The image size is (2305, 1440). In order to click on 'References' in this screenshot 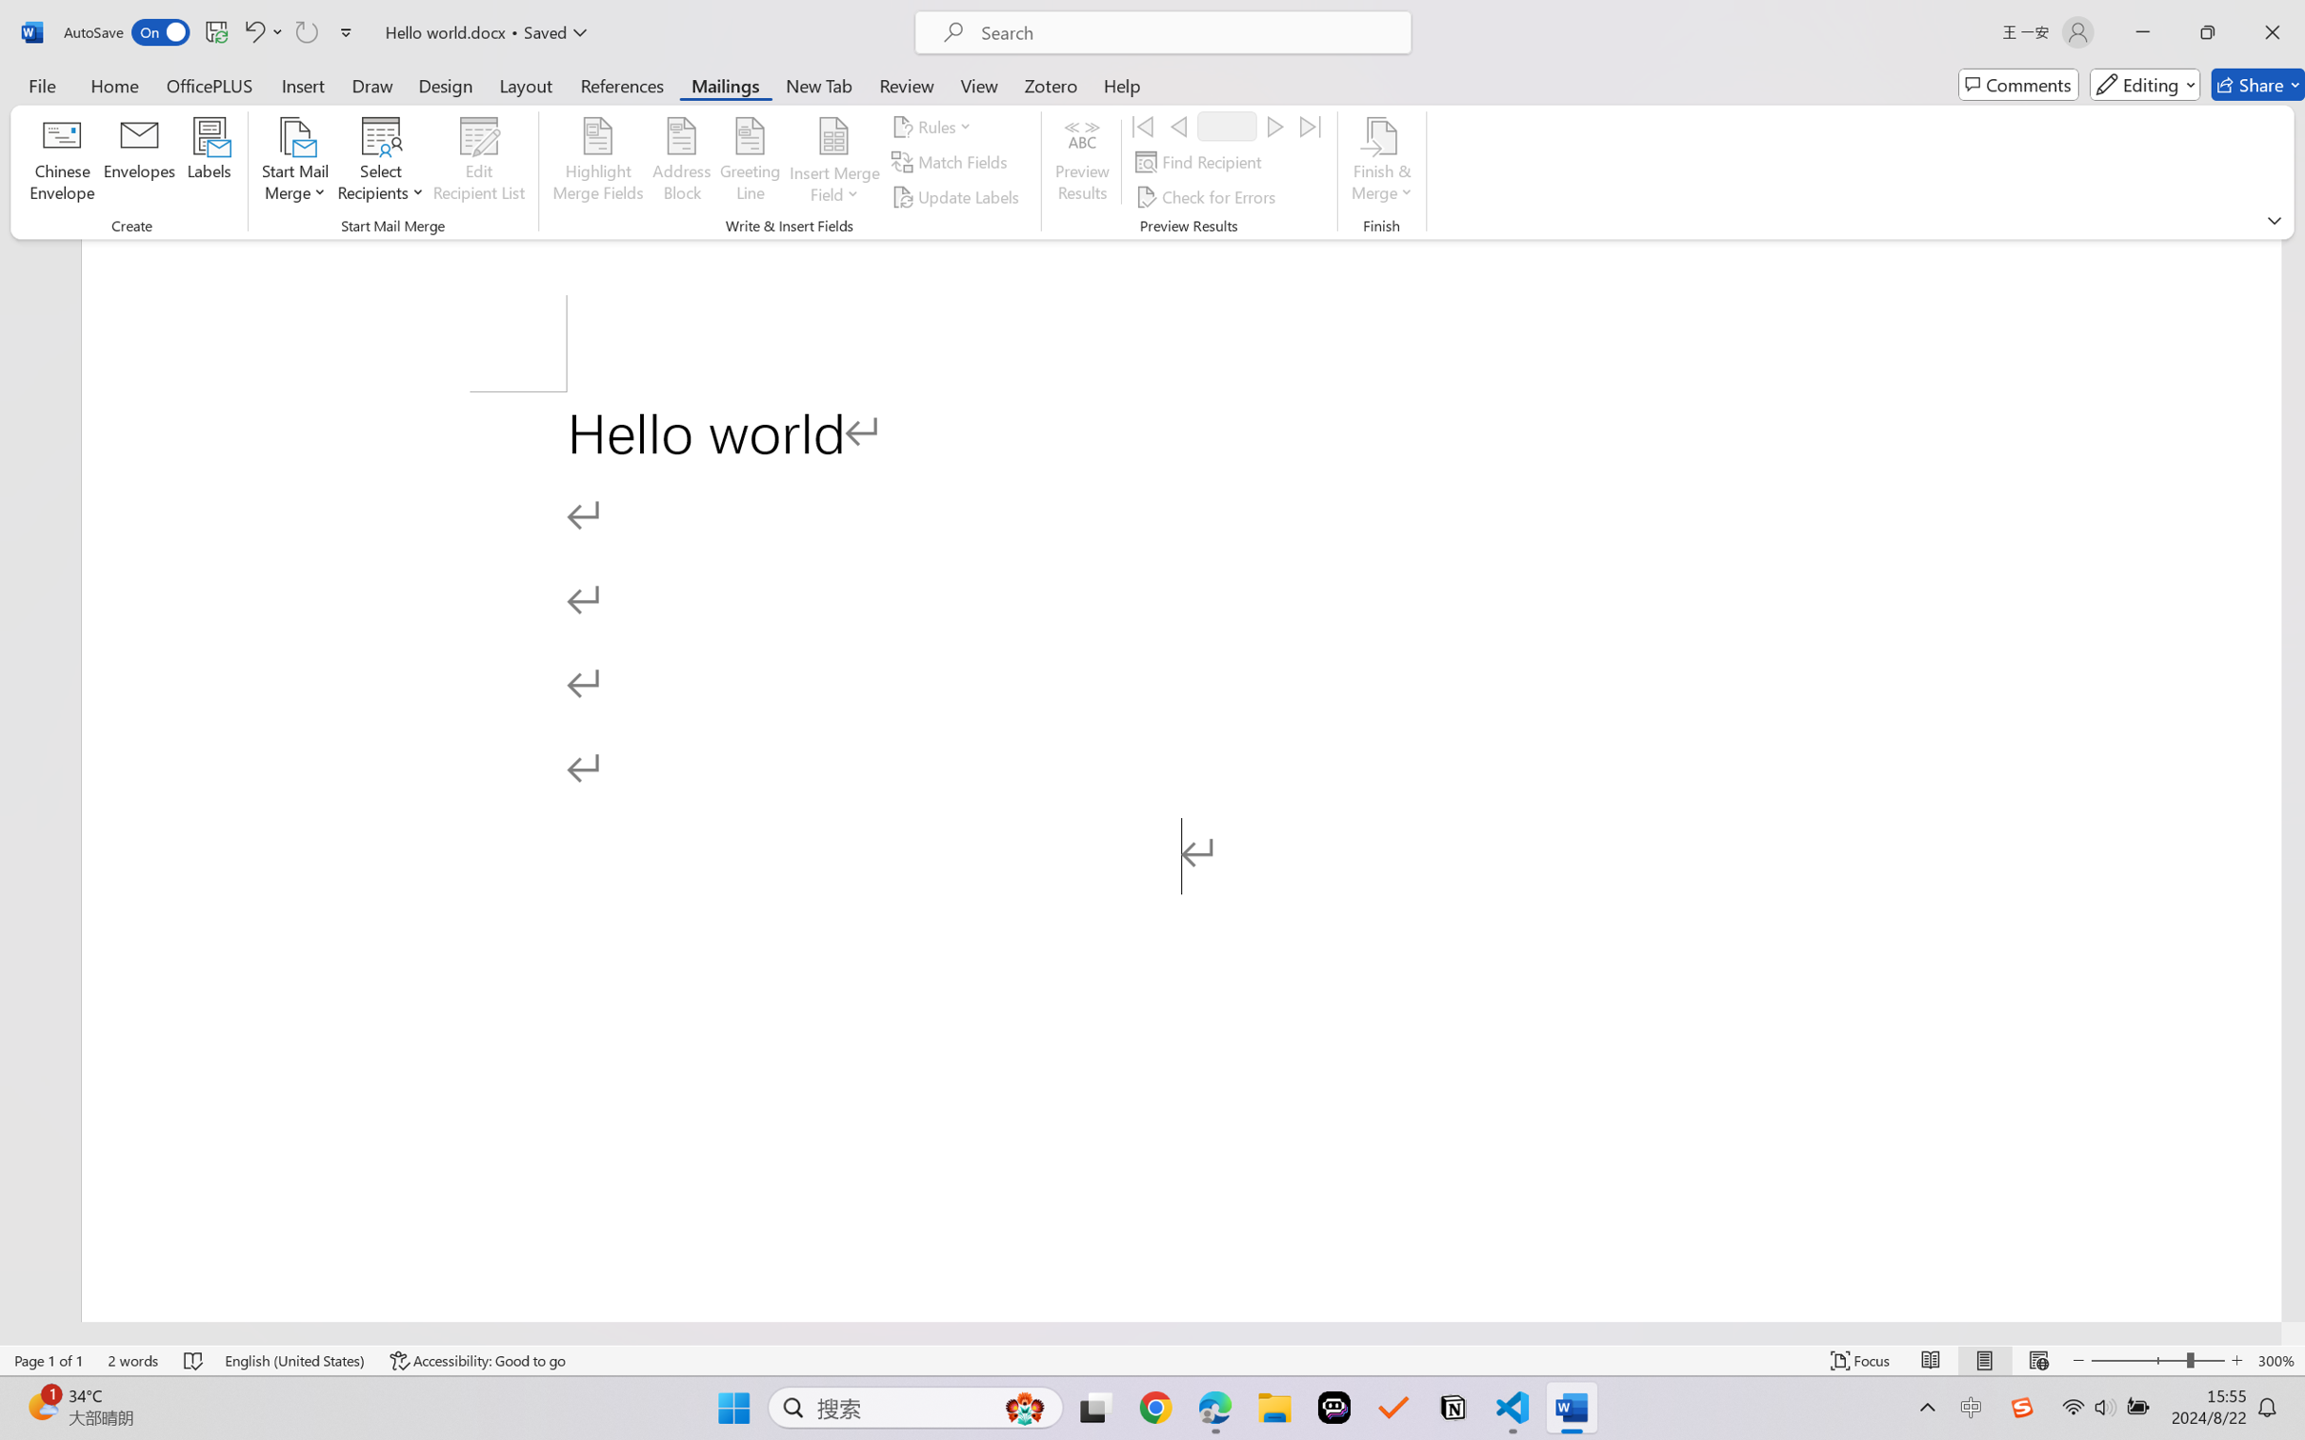, I will do `click(622, 84)`.